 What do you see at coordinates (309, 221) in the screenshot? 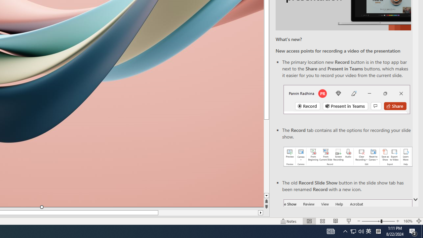
I see `'Normal'` at bounding box center [309, 221].